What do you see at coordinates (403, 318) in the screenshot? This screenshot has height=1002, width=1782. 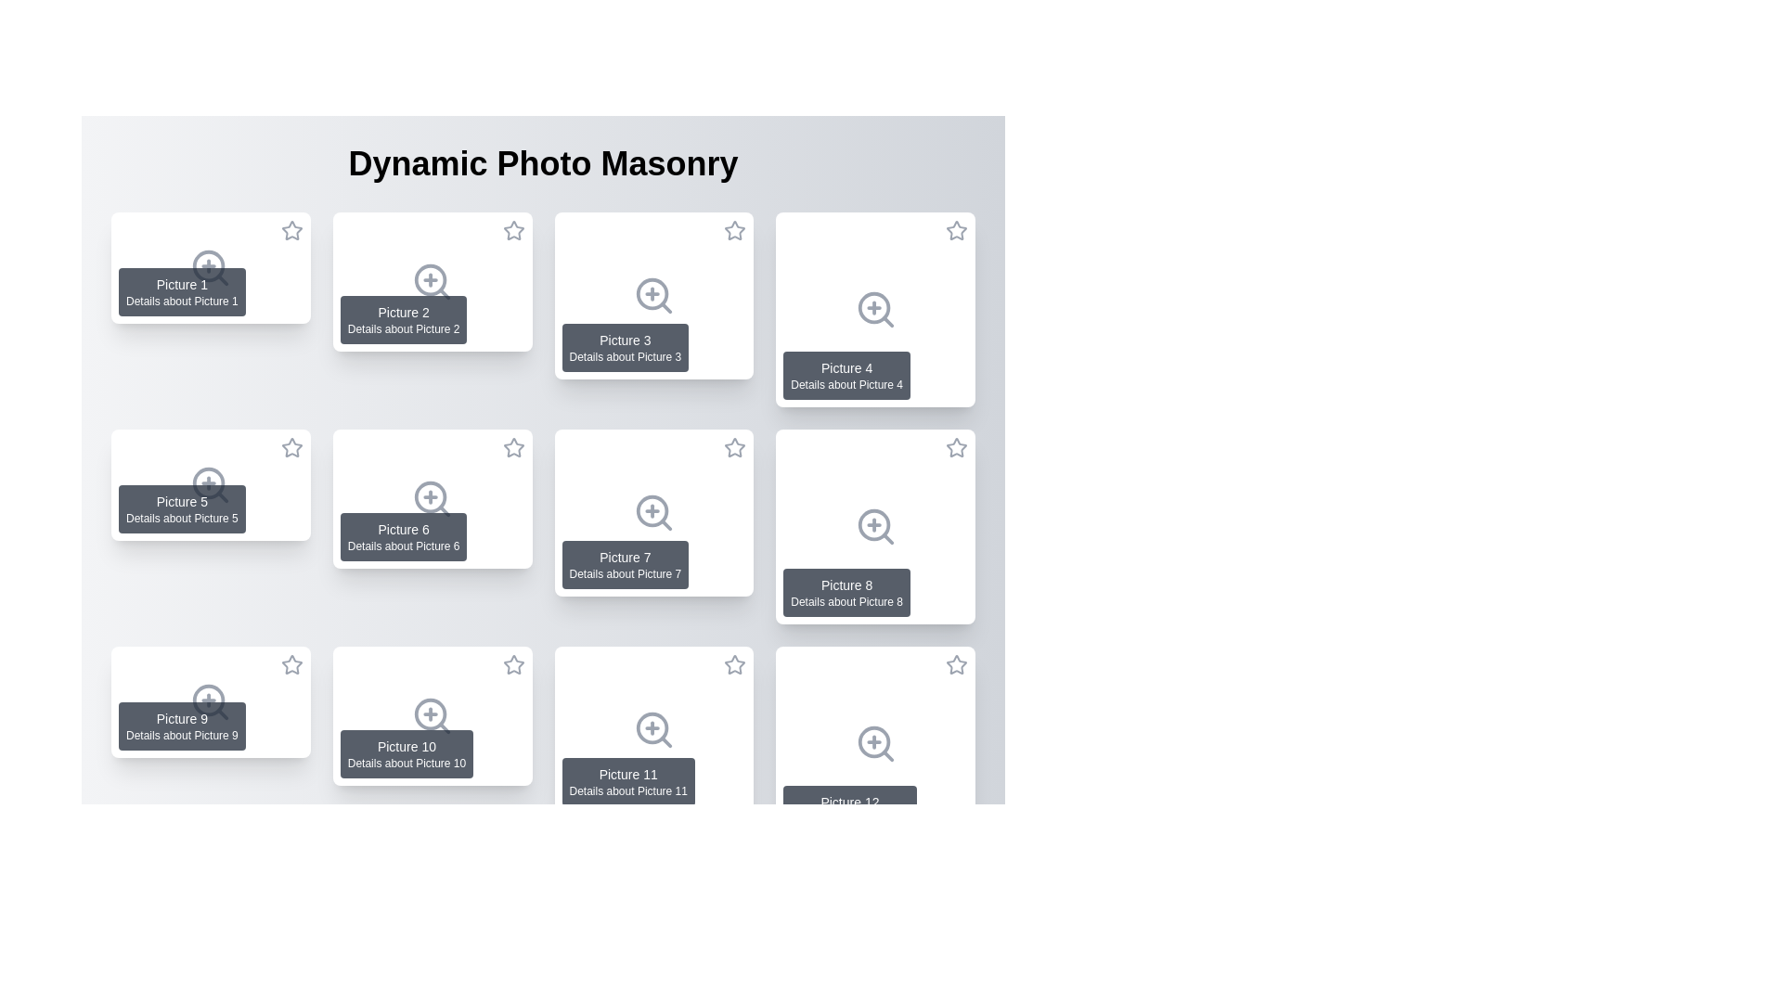 I see `the Text label area displaying 'Picture 2' with details about it, which has a dark gray background and white text` at bounding box center [403, 318].